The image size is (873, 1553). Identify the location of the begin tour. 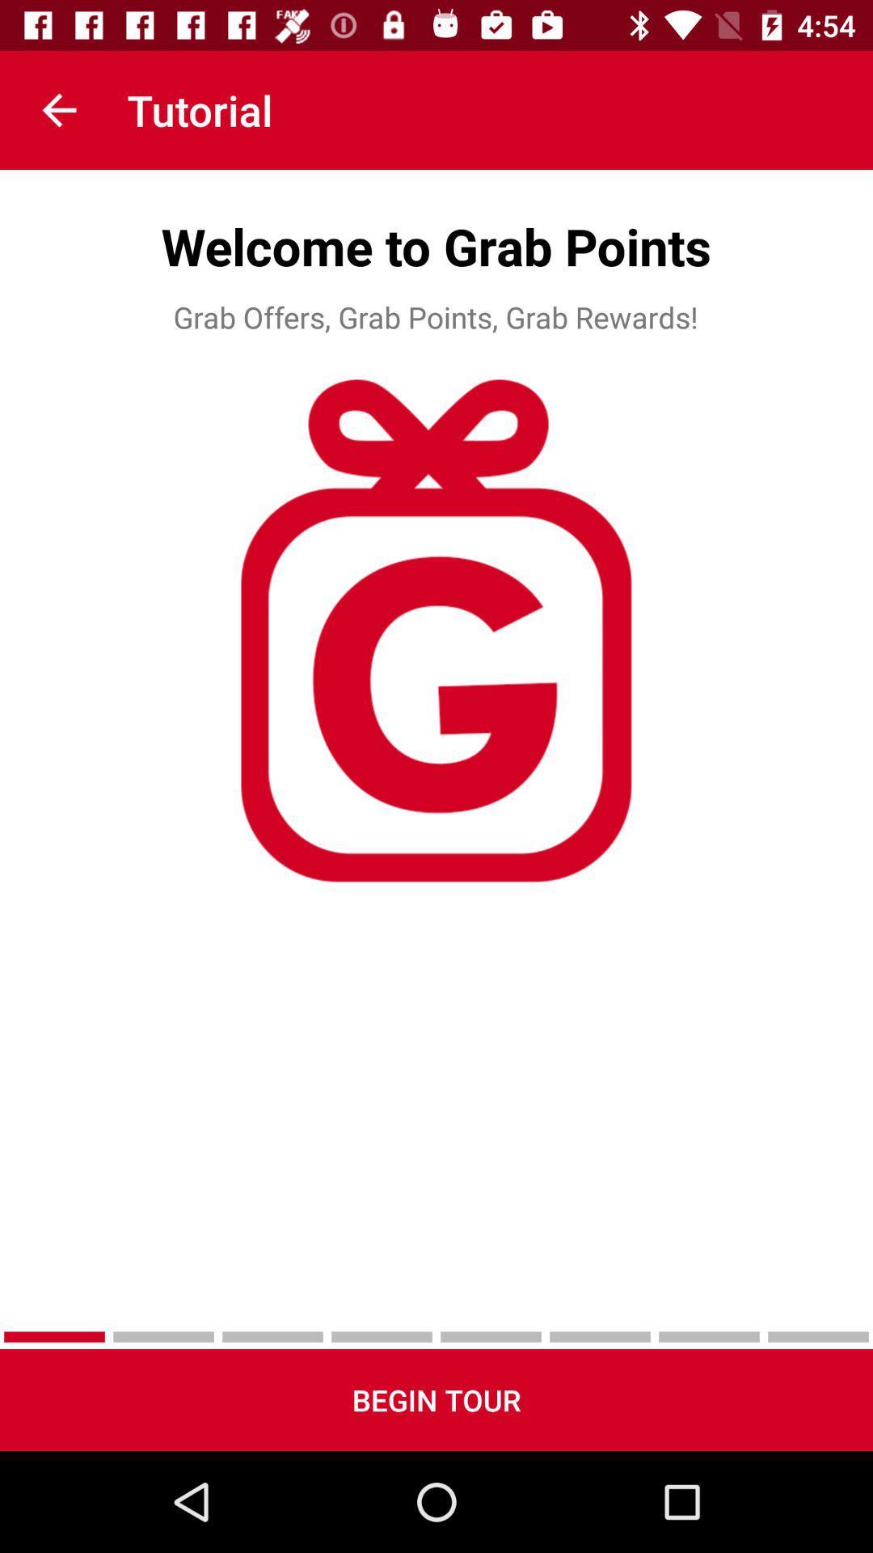
(436, 1399).